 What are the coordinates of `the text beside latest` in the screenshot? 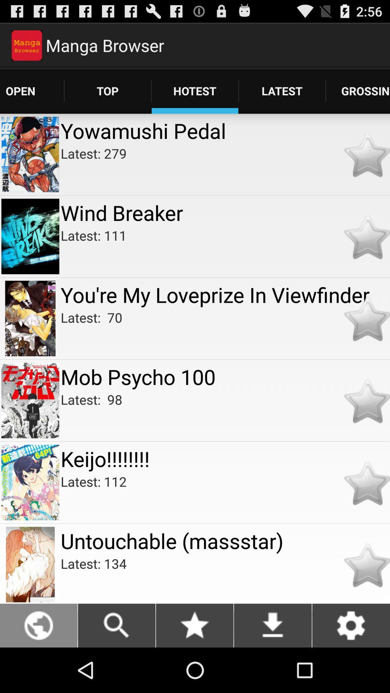 It's located at (358, 91).